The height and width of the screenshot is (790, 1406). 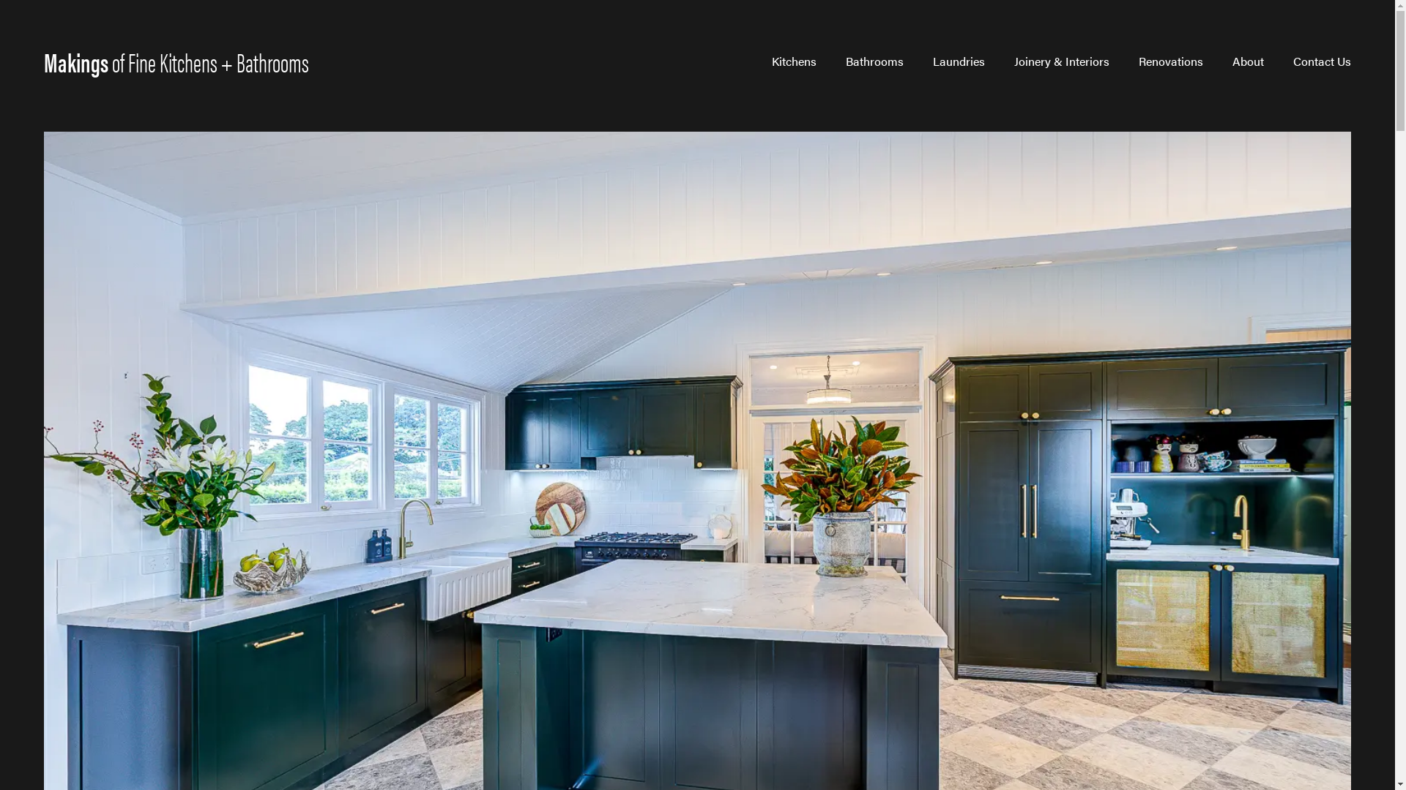 I want to click on 'Joinery & Interiors', so click(x=1013, y=61).